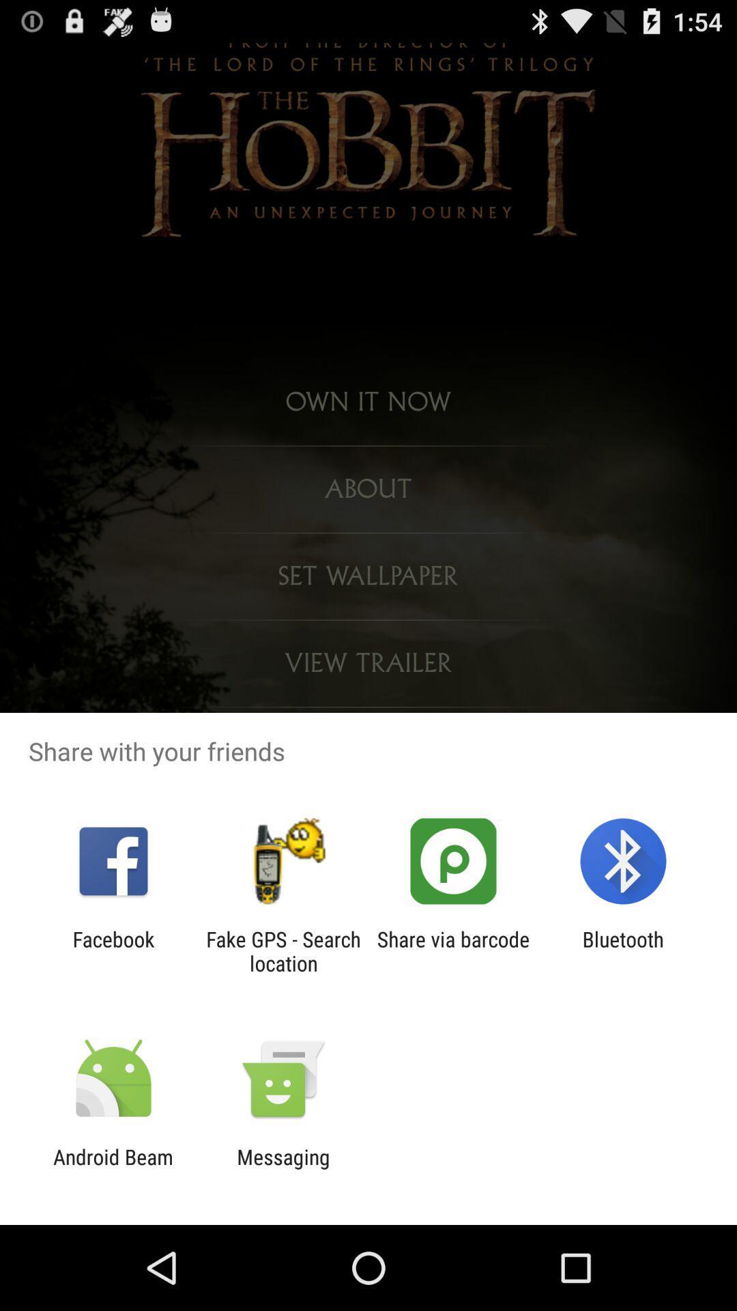  What do you see at coordinates (113, 950) in the screenshot?
I see `the icon to the left of fake gps search icon` at bounding box center [113, 950].